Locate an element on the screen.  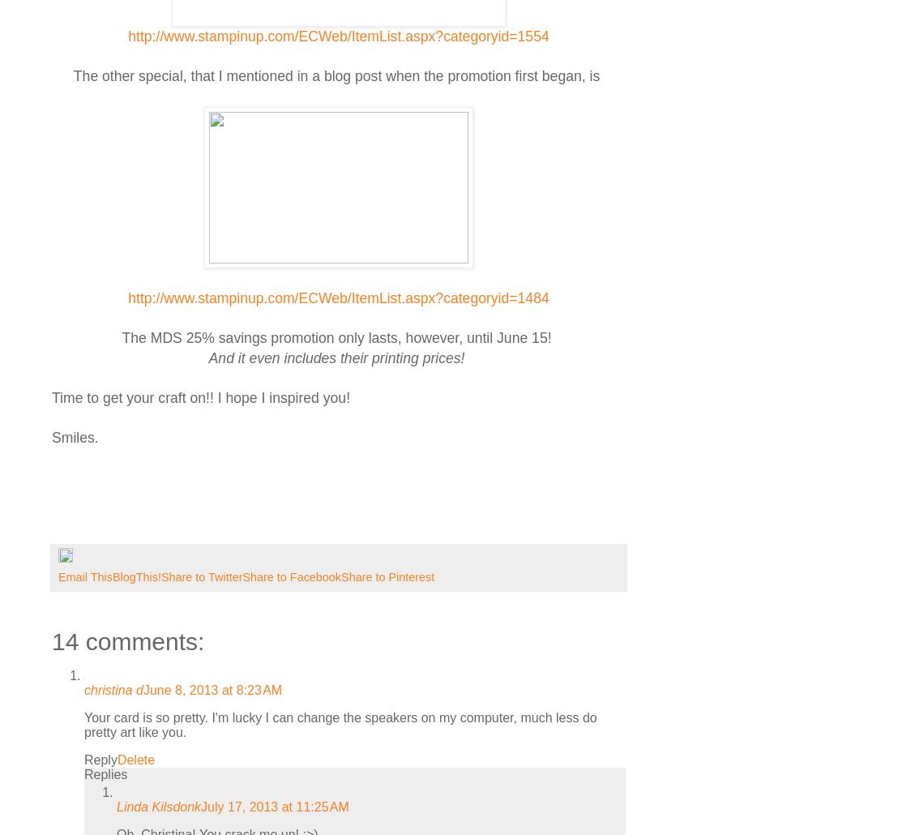
'Delete' is located at coordinates (135, 760).